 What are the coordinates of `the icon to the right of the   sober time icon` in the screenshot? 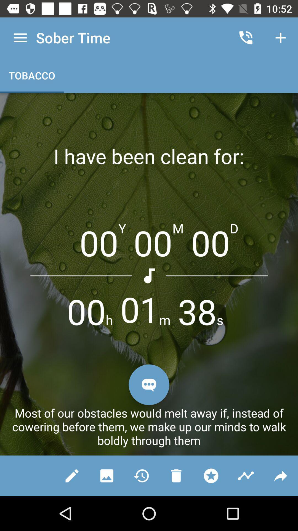 It's located at (246, 37).